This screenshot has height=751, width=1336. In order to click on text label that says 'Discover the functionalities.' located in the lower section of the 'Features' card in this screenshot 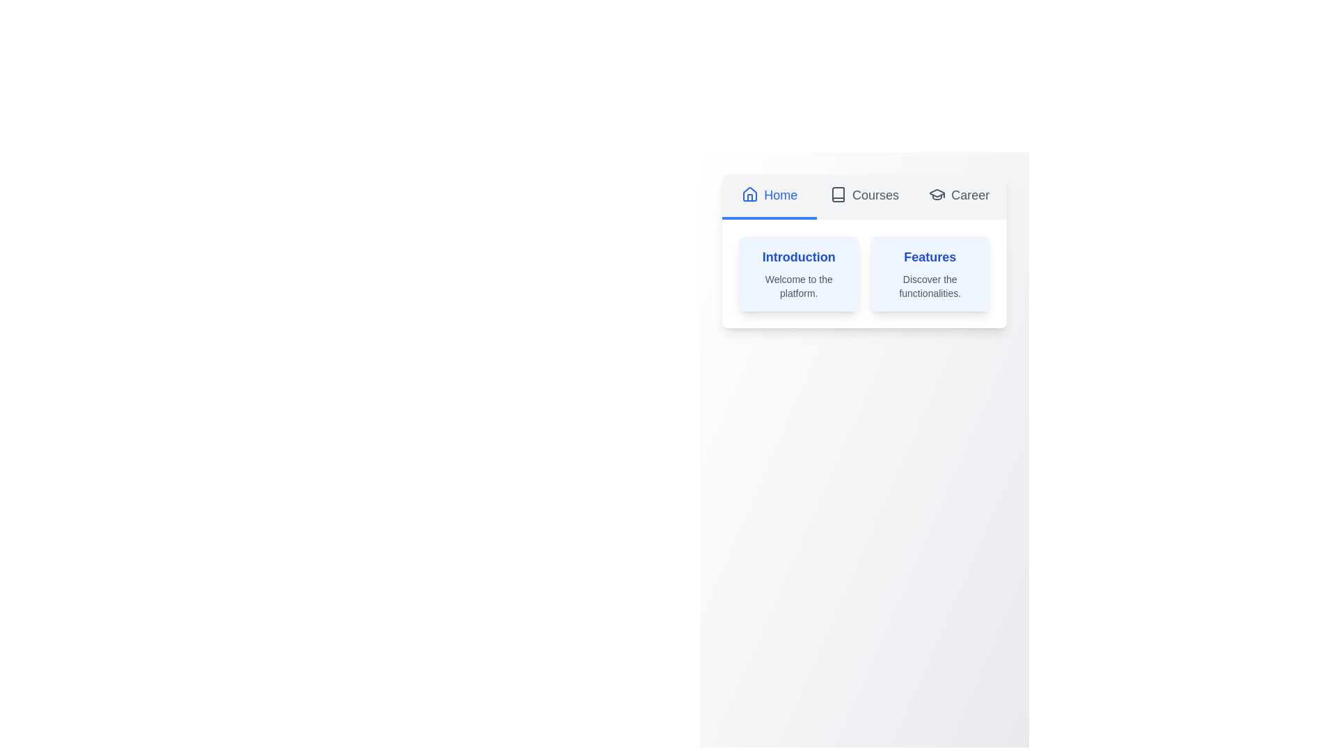, I will do `click(930, 286)`.